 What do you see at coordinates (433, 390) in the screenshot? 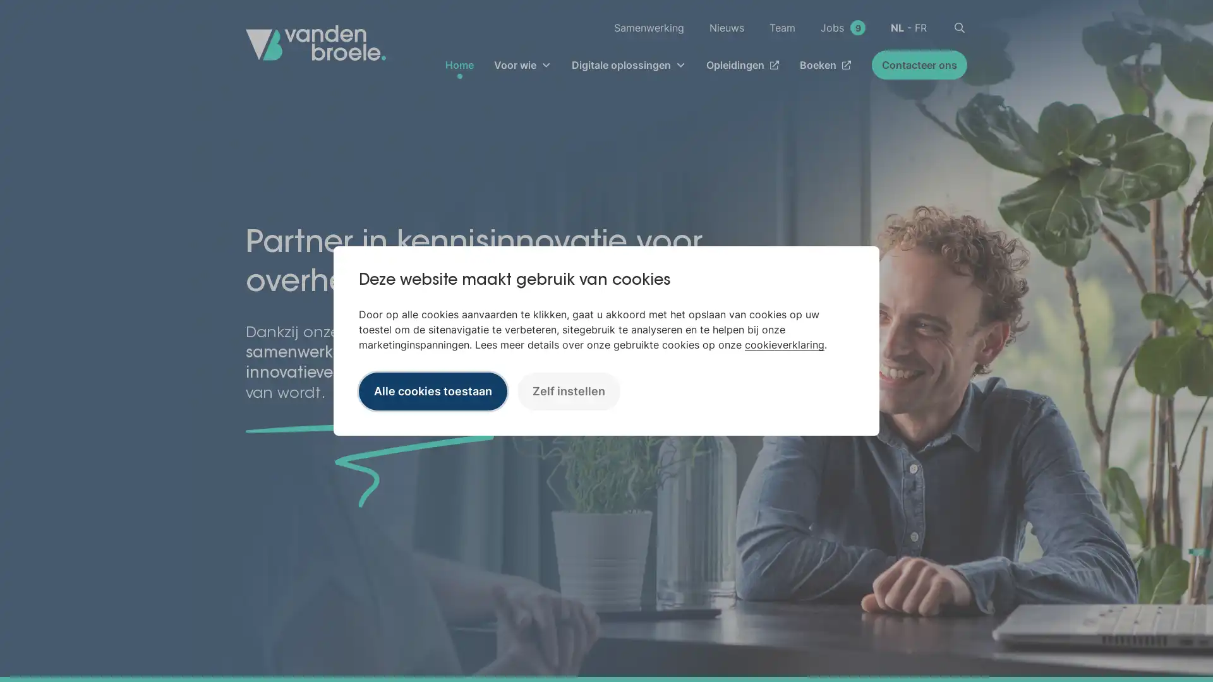
I see `Alle cookies toestaan` at bounding box center [433, 390].